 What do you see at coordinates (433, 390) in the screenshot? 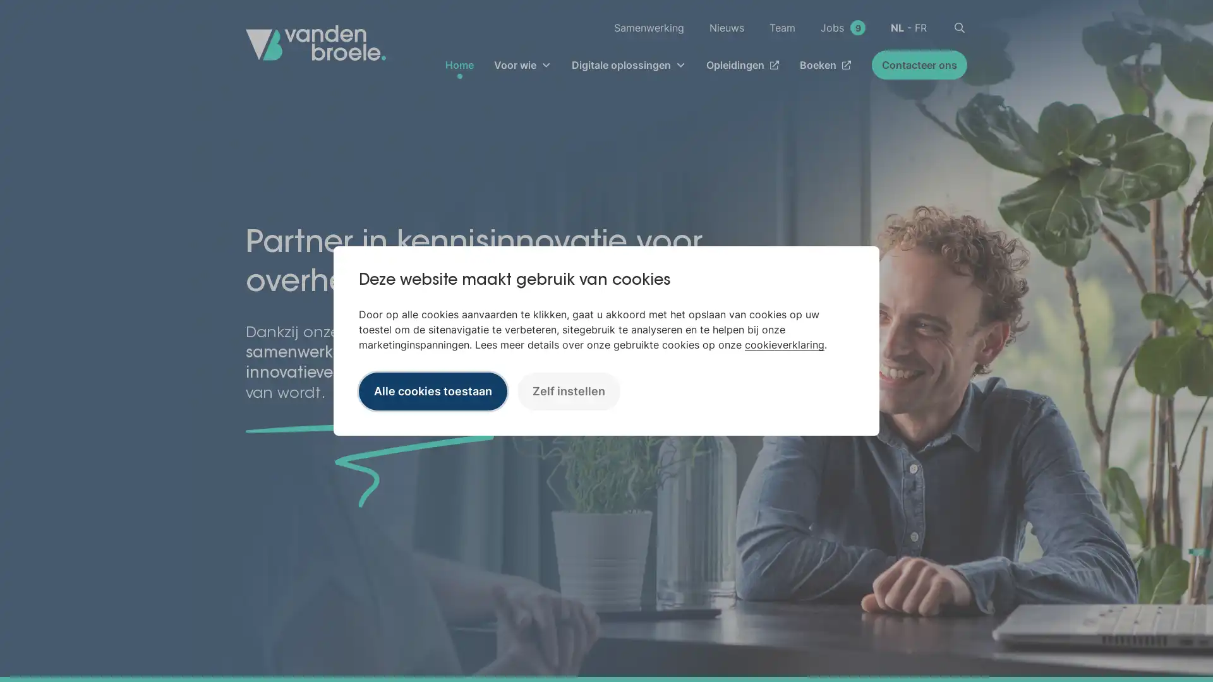
I see `Alle cookies toestaan` at bounding box center [433, 390].